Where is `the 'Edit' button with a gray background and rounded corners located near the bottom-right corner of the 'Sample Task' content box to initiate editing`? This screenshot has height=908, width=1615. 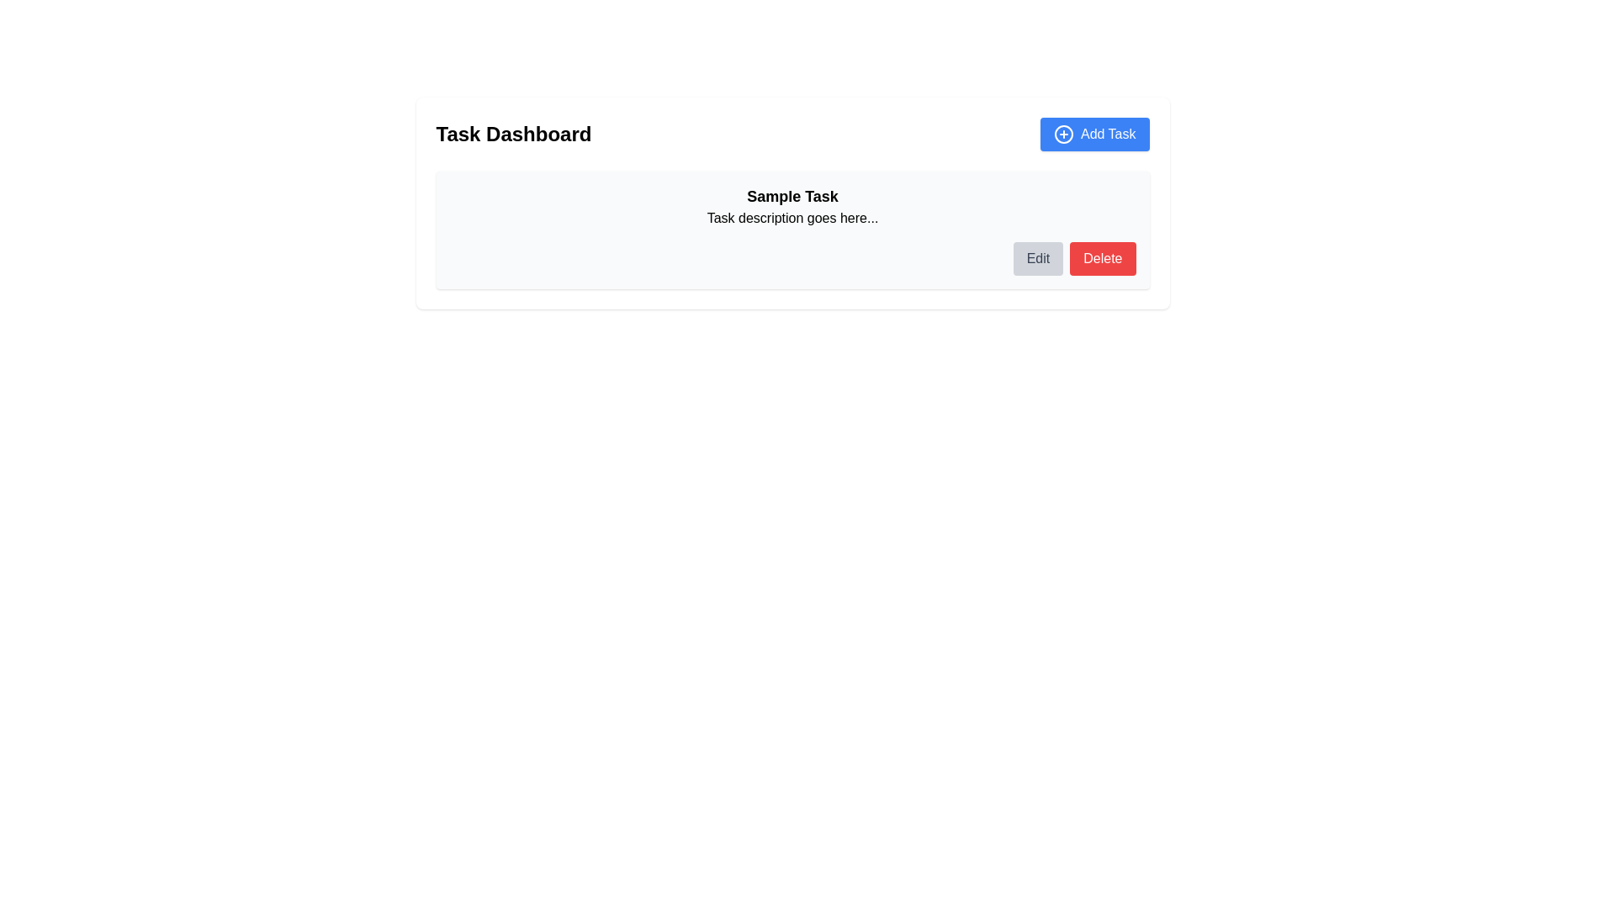
the 'Edit' button with a gray background and rounded corners located near the bottom-right corner of the 'Sample Task' content box to initiate editing is located at coordinates (1037, 259).